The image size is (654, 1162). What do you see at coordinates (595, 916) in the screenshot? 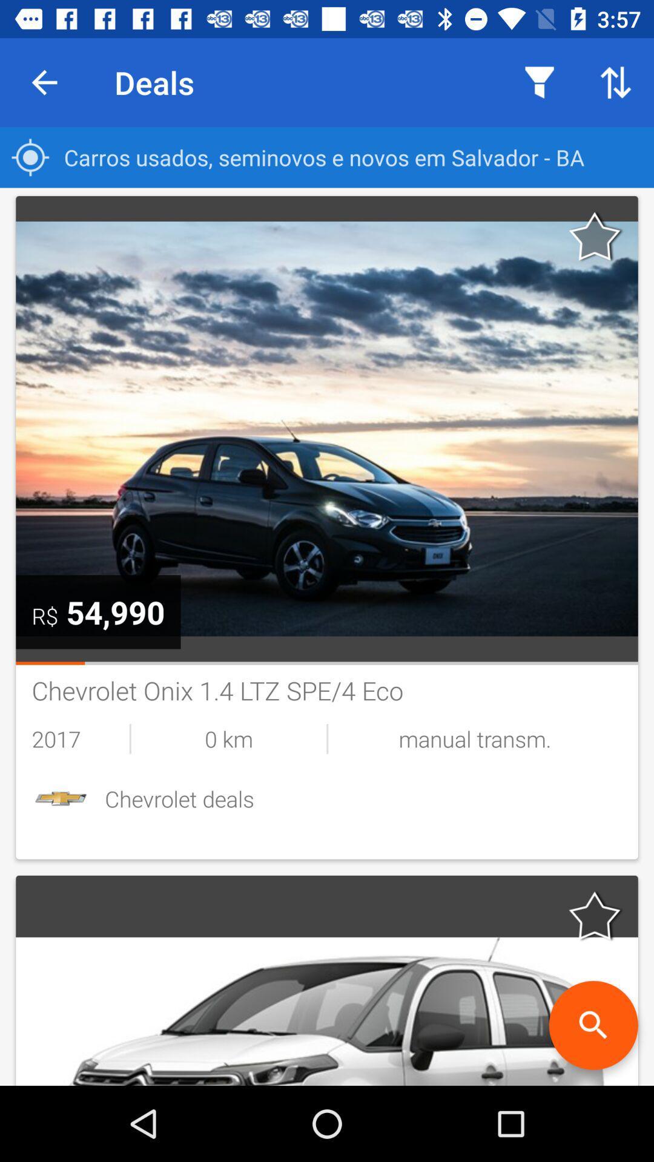
I see `option` at bounding box center [595, 916].